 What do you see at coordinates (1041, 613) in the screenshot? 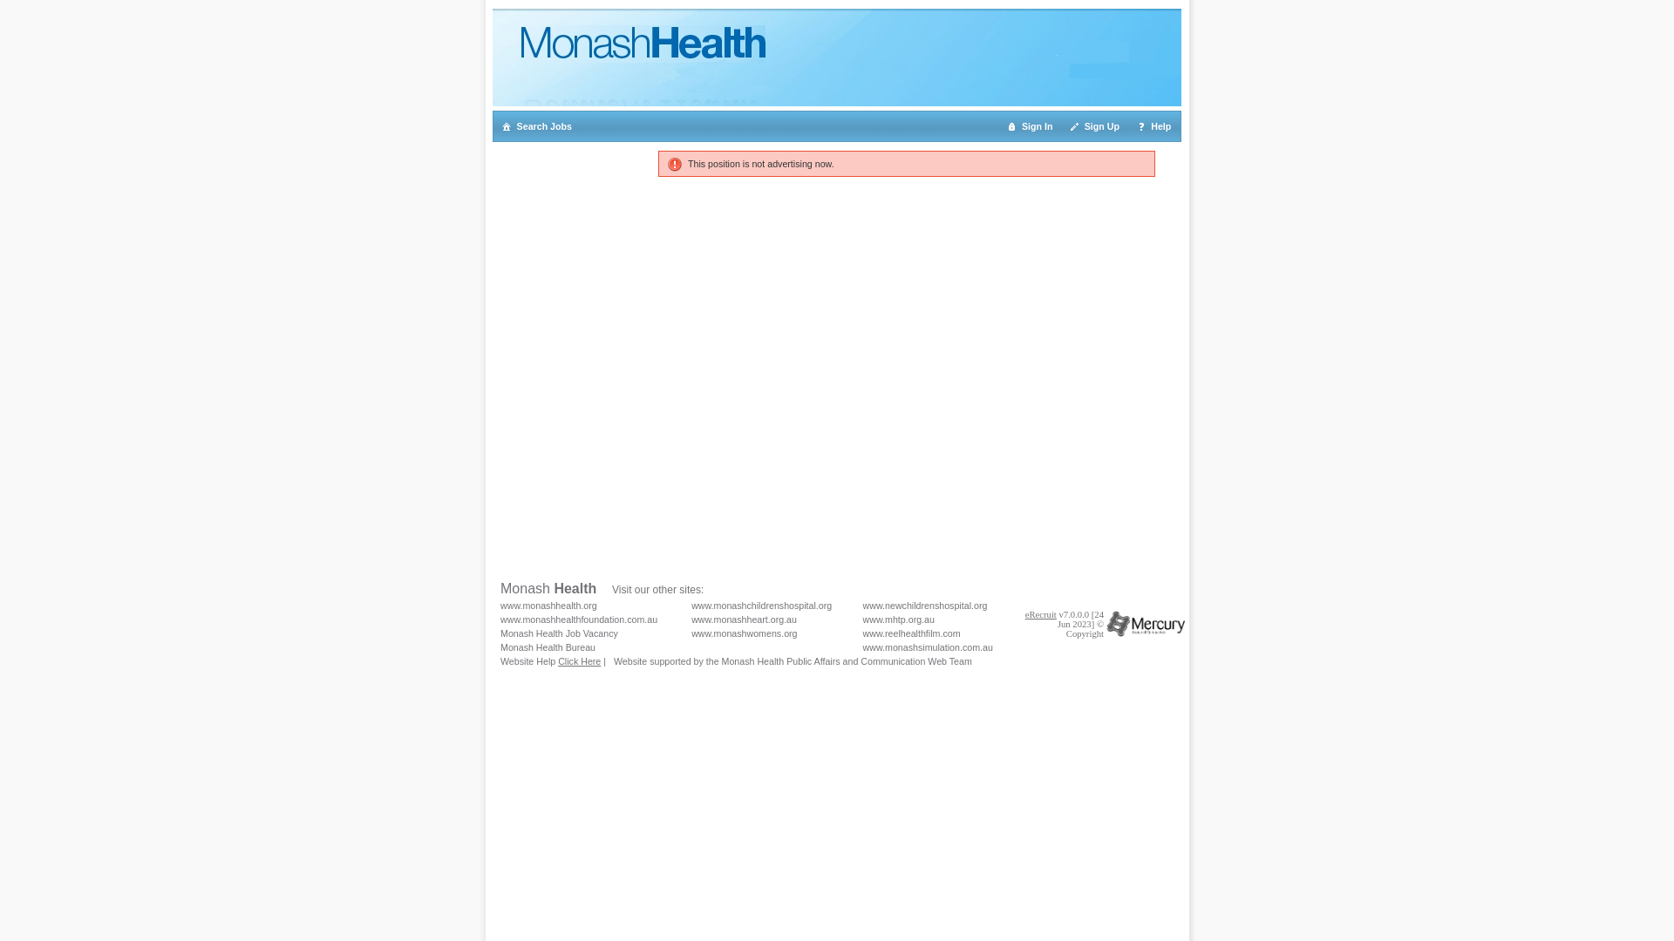
I see `'eRecruit'` at bounding box center [1041, 613].